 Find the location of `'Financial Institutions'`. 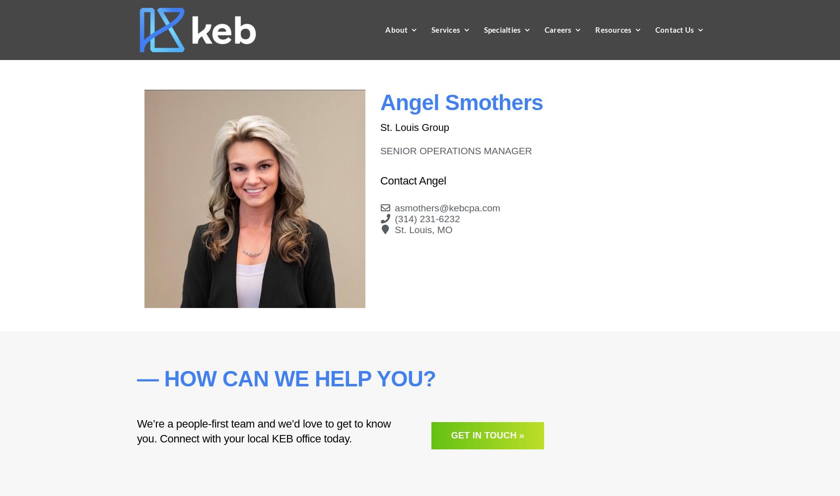

'Financial Institutions' is located at coordinates (493, 263).